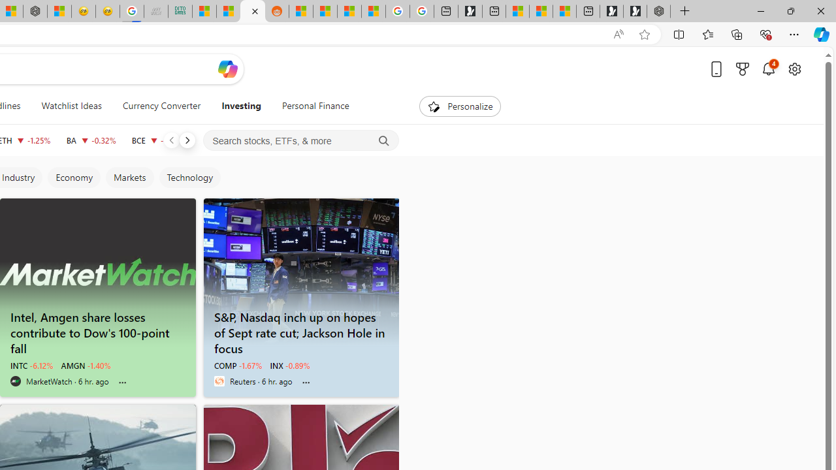  Describe the element at coordinates (644, 34) in the screenshot. I see `'Add this page to favorites (Ctrl+D)'` at that location.